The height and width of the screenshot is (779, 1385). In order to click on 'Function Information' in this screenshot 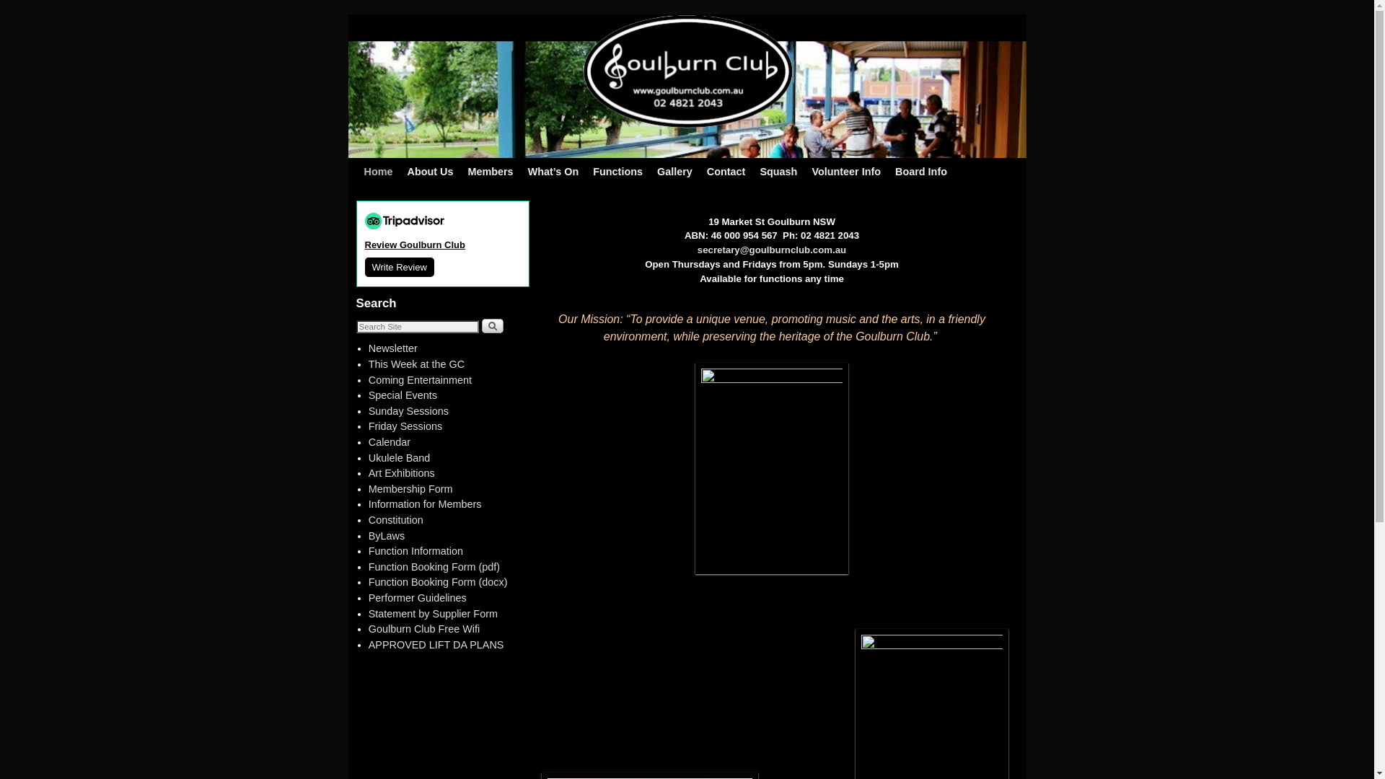, I will do `click(415, 550)`.